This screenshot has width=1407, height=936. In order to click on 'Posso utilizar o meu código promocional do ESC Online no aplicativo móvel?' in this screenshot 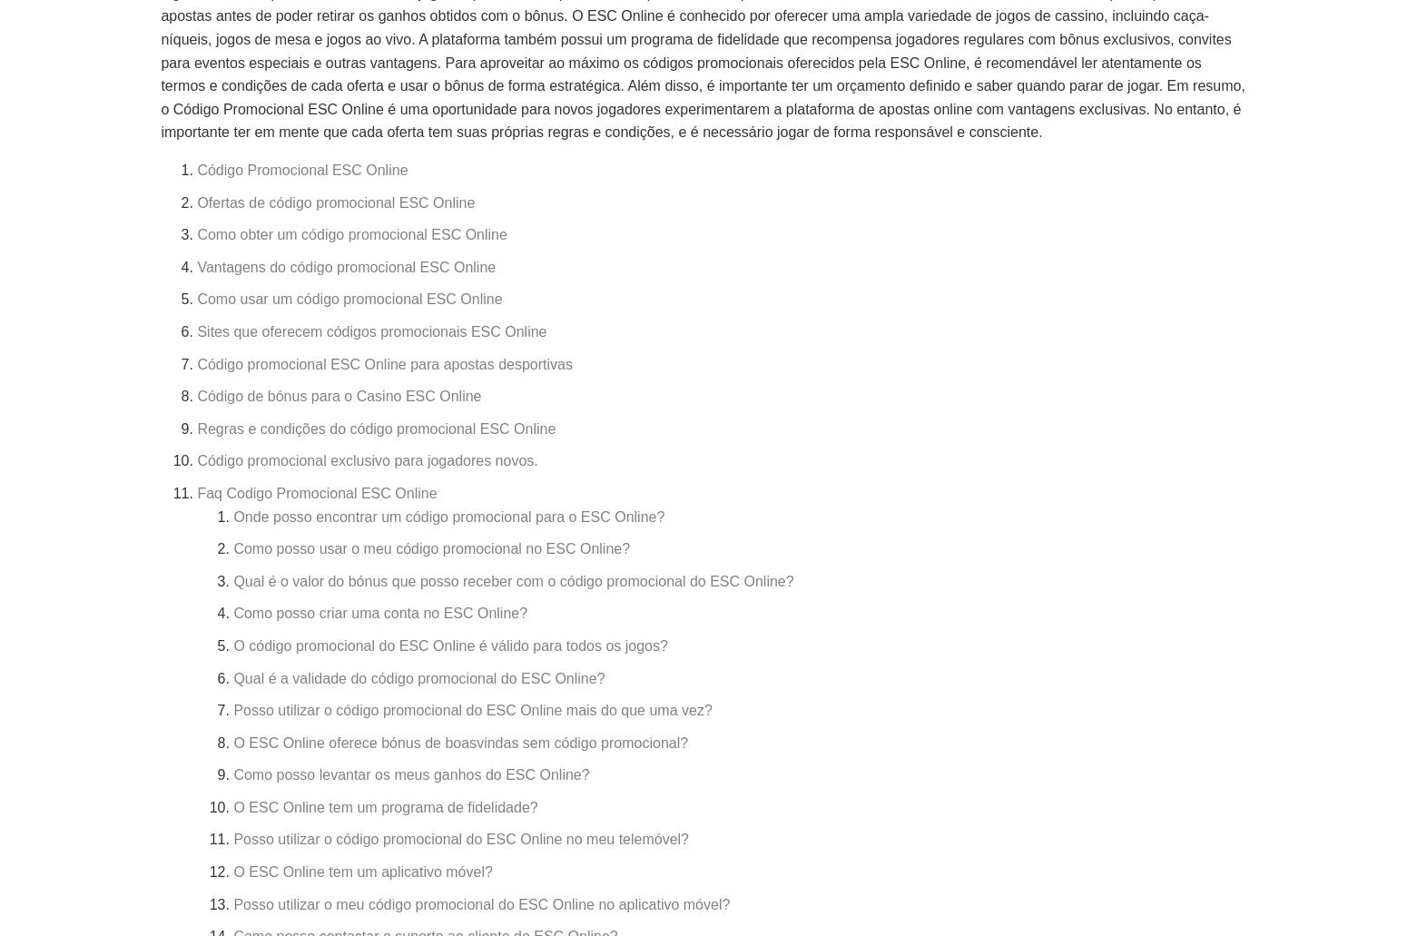, I will do `click(480, 902)`.